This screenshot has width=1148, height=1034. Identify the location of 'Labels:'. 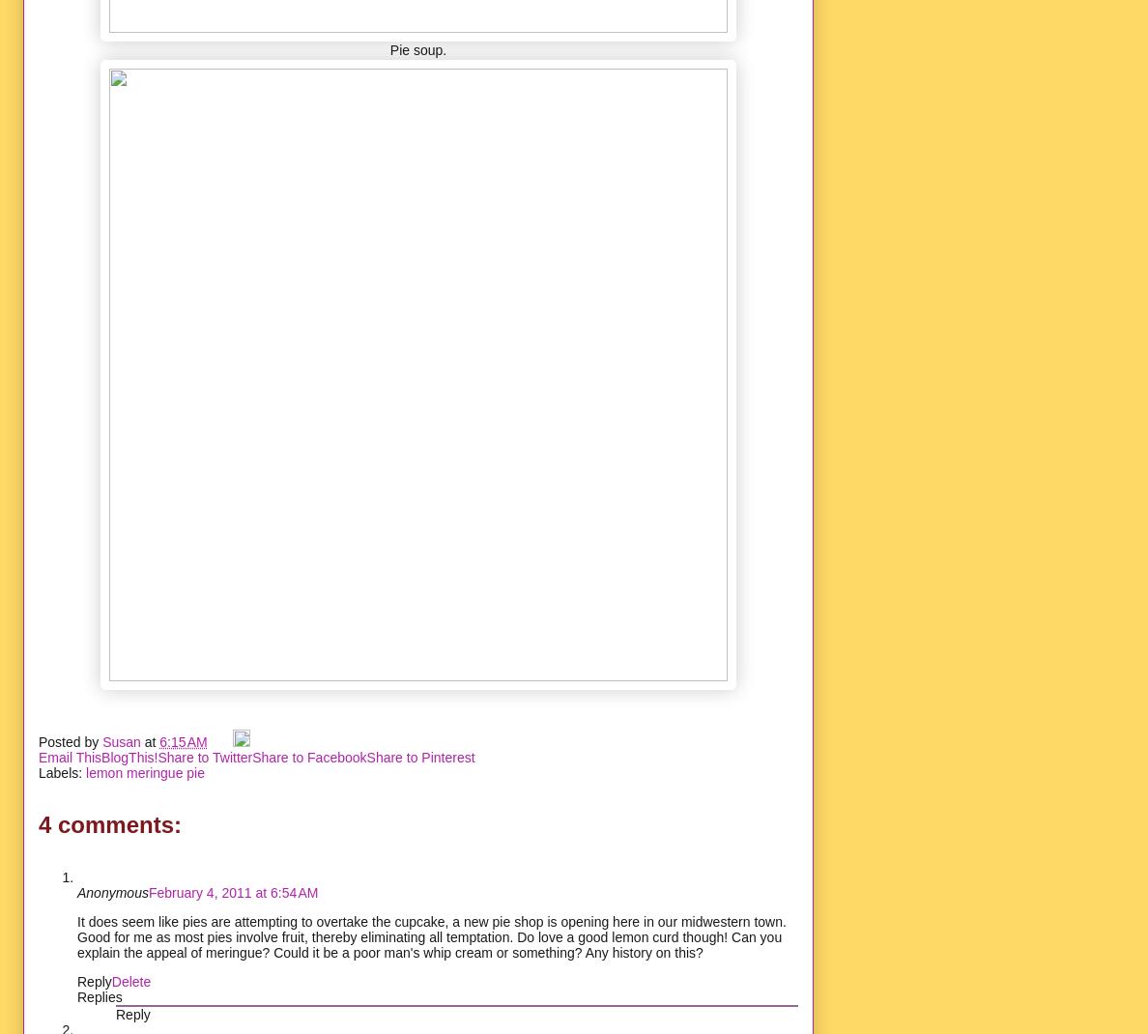
(62, 772).